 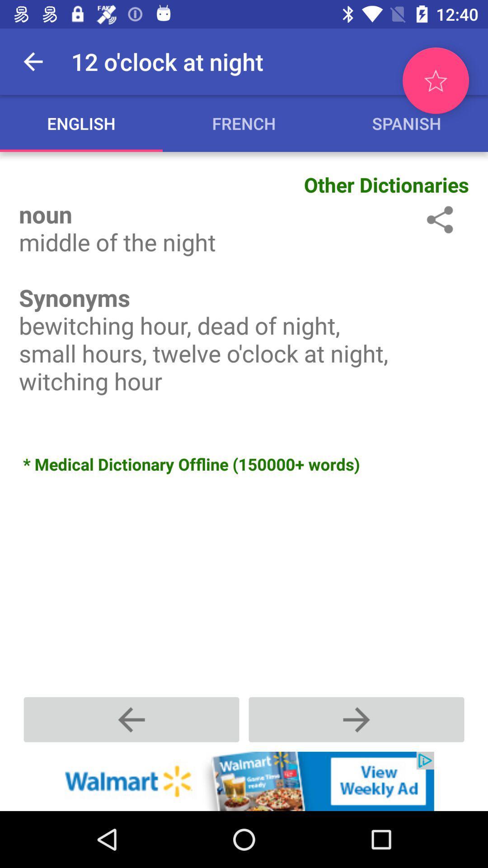 I want to click on it is go to previous page element, so click(x=131, y=719).